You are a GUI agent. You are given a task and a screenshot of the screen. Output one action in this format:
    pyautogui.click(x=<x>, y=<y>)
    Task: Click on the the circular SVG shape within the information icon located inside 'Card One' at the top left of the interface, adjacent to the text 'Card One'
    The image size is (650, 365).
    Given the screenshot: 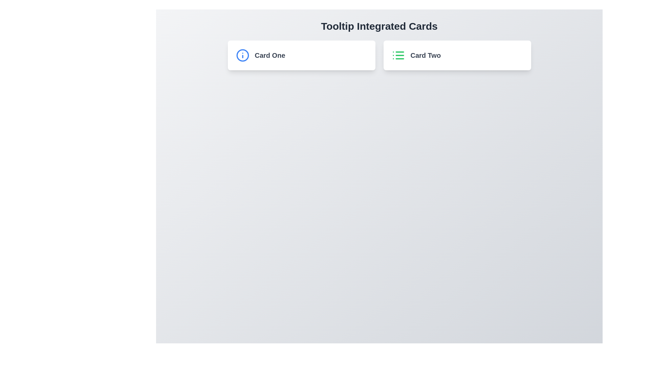 What is the action you would take?
    pyautogui.click(x=242, y=55)
    